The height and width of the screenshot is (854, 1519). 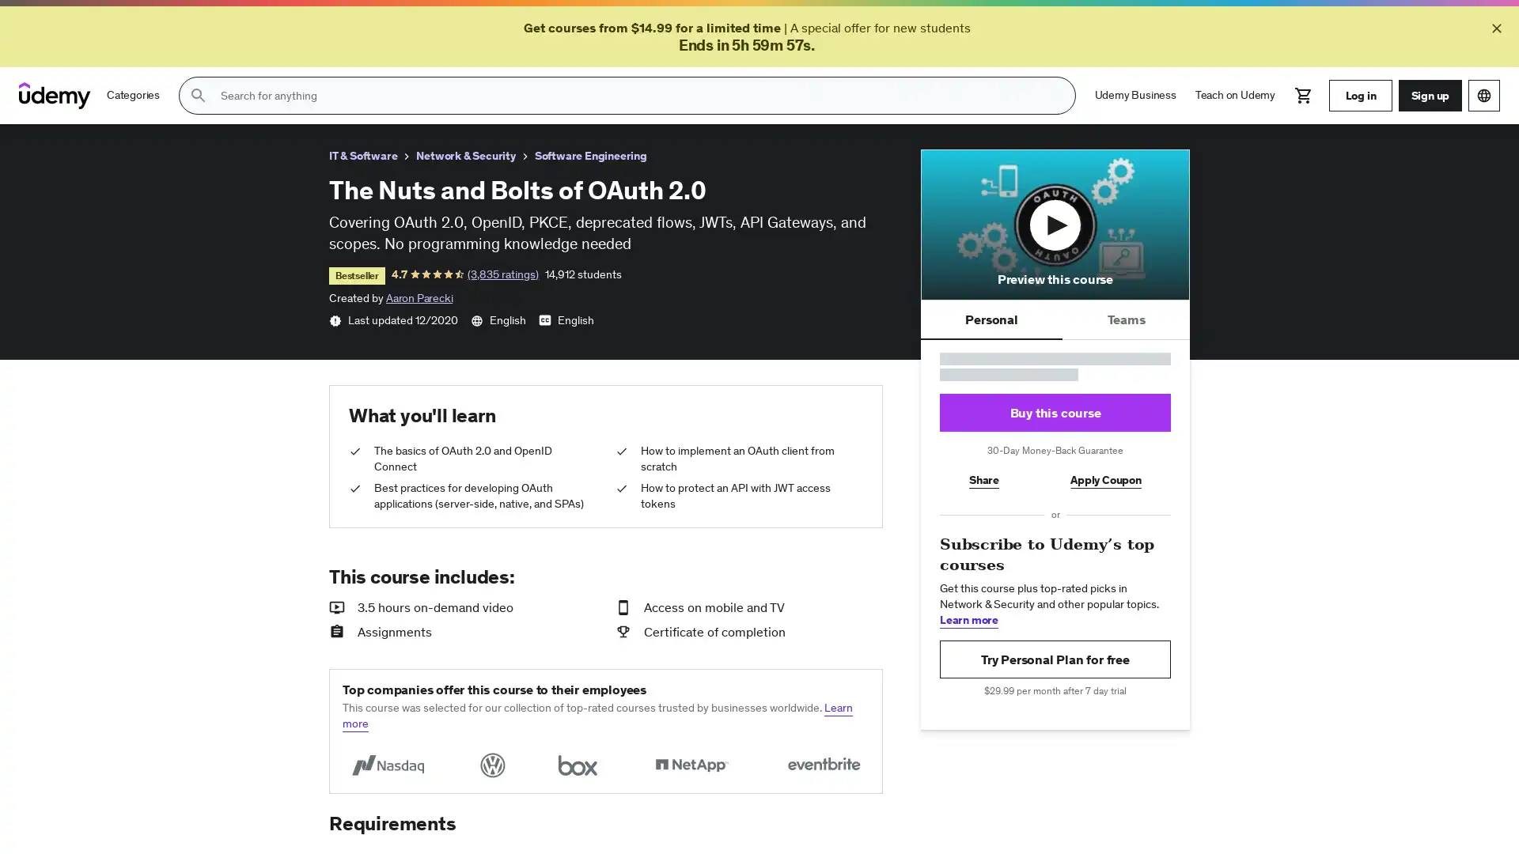 I want to click on Play course preview, so click(x=1055, y=225).